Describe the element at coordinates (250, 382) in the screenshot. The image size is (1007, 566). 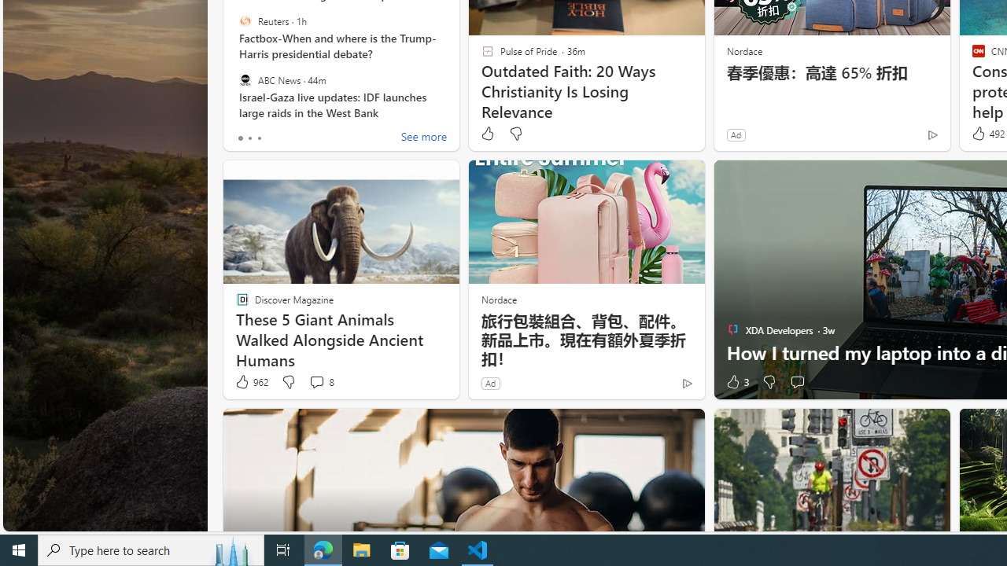
I see `'962 Like'` at that location.